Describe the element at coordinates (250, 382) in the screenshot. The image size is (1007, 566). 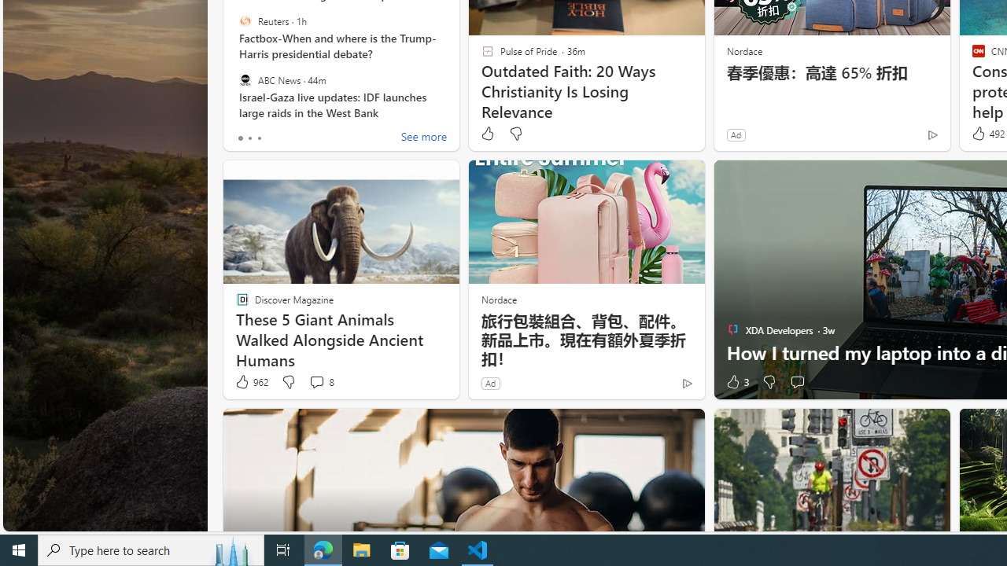
I see `'962 Like'` at that location.